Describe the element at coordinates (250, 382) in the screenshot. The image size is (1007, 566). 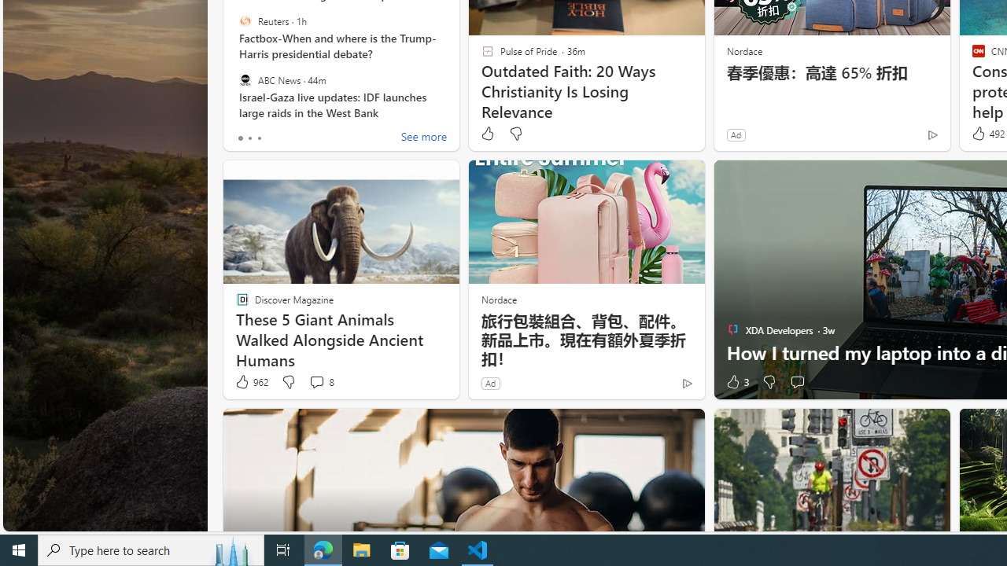
I see `'962 Like'` at that location.